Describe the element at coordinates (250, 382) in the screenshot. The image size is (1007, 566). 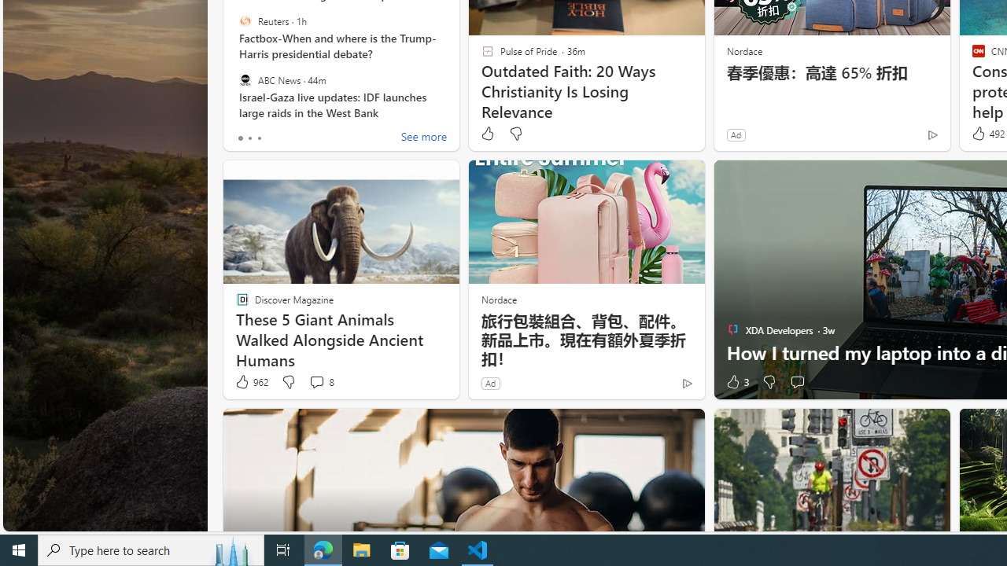
I see `'962 Like'` at that location.